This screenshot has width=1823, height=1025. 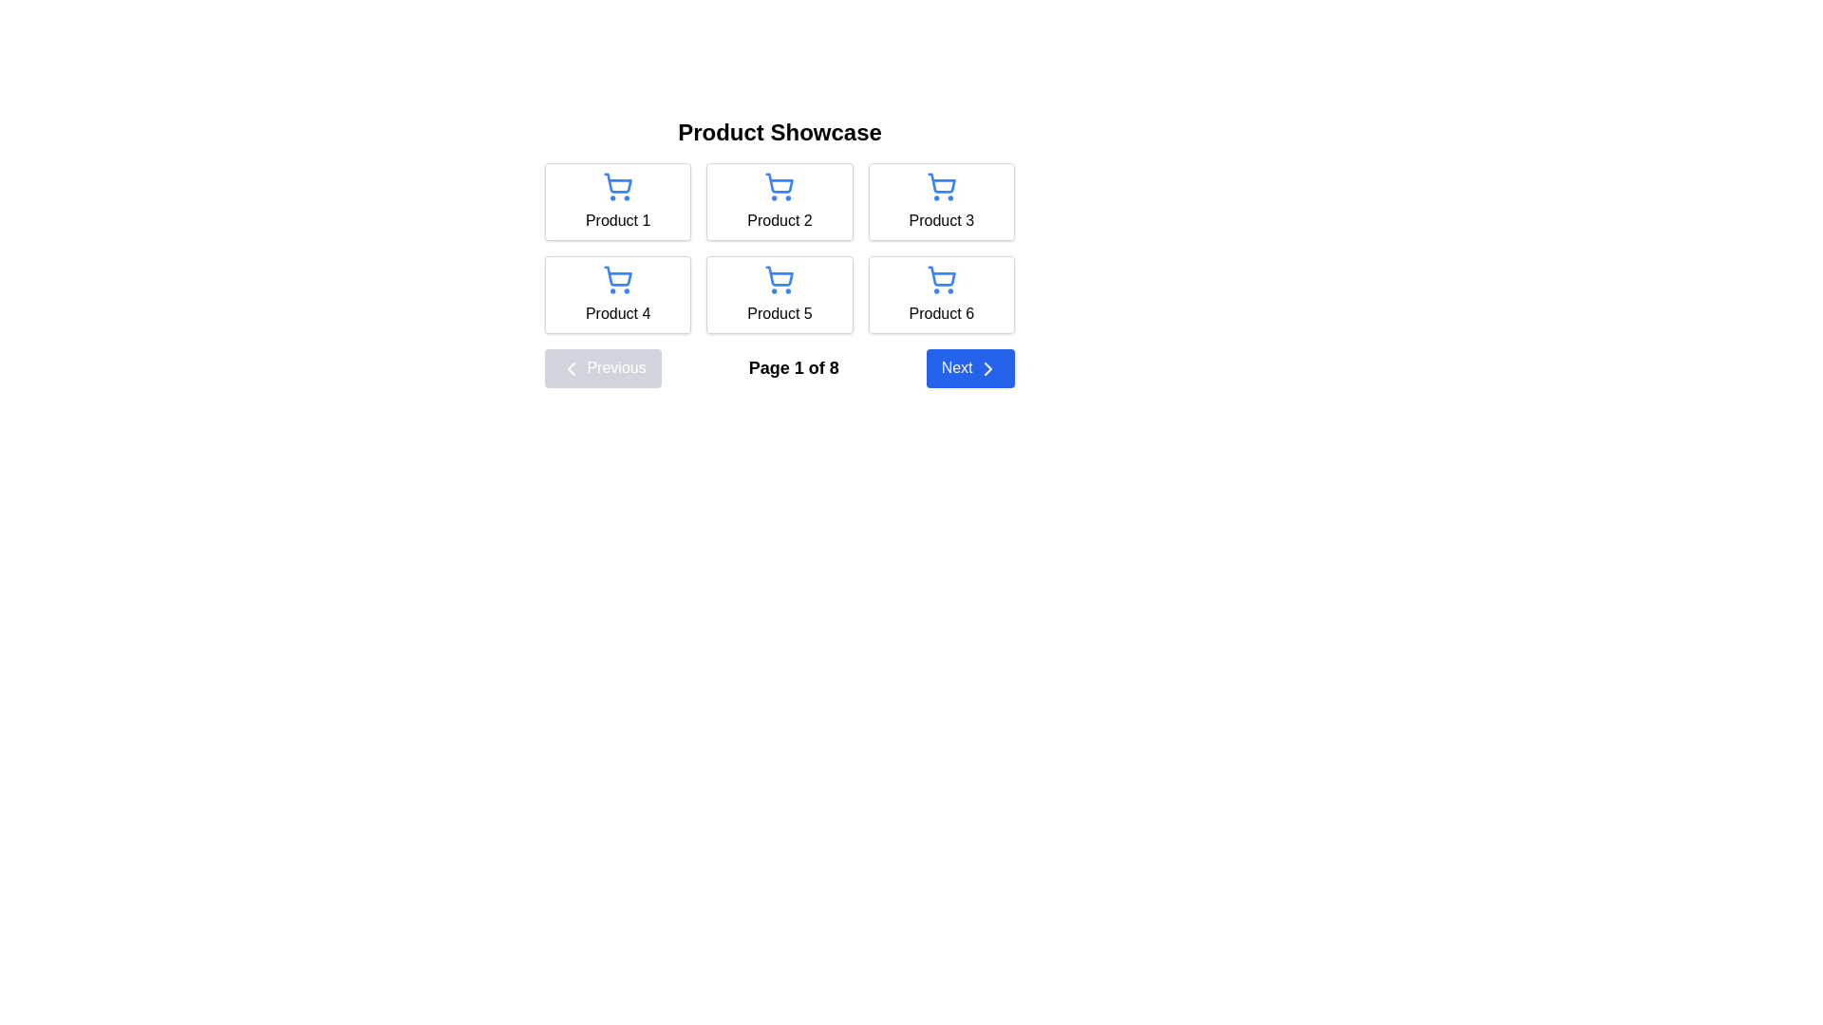 I want to click on the 'Previous' button with a blue-gray background and white text, so click(x=602, y=368).